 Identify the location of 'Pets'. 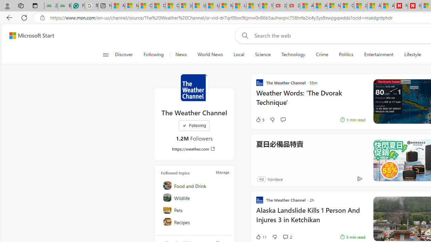
(194, 209).